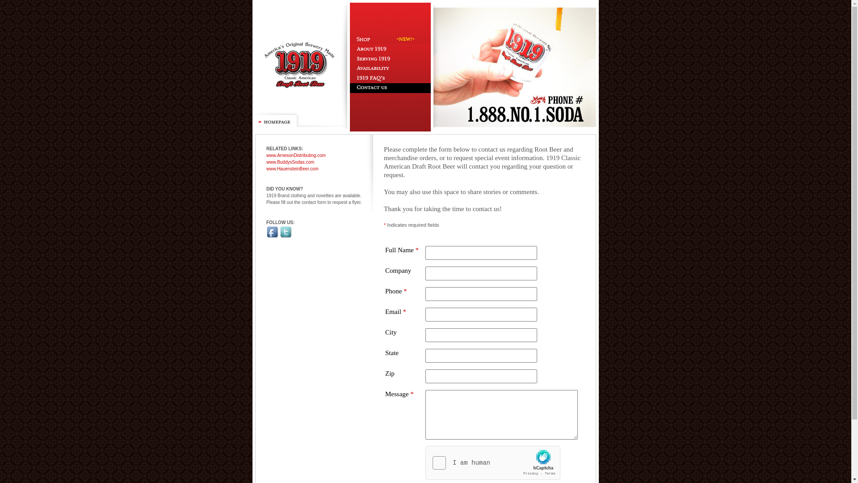  What do you see at coordinates (265, 169) in the screenshot?
I see `'www.HauensteinBeer.com'` at bounding box center [265, 169].